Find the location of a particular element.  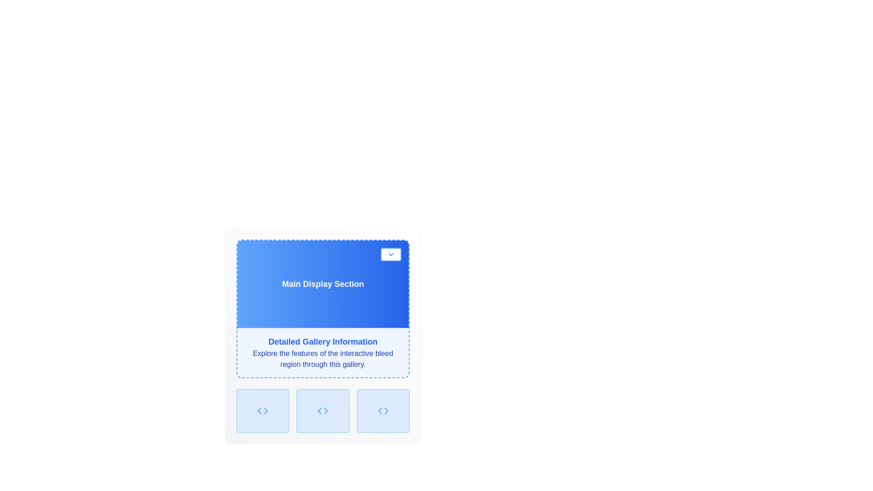

the centrally aligned Text Label that serves as the heading for the main display area, located at the top of the interface is located at coordinates (323, 283).